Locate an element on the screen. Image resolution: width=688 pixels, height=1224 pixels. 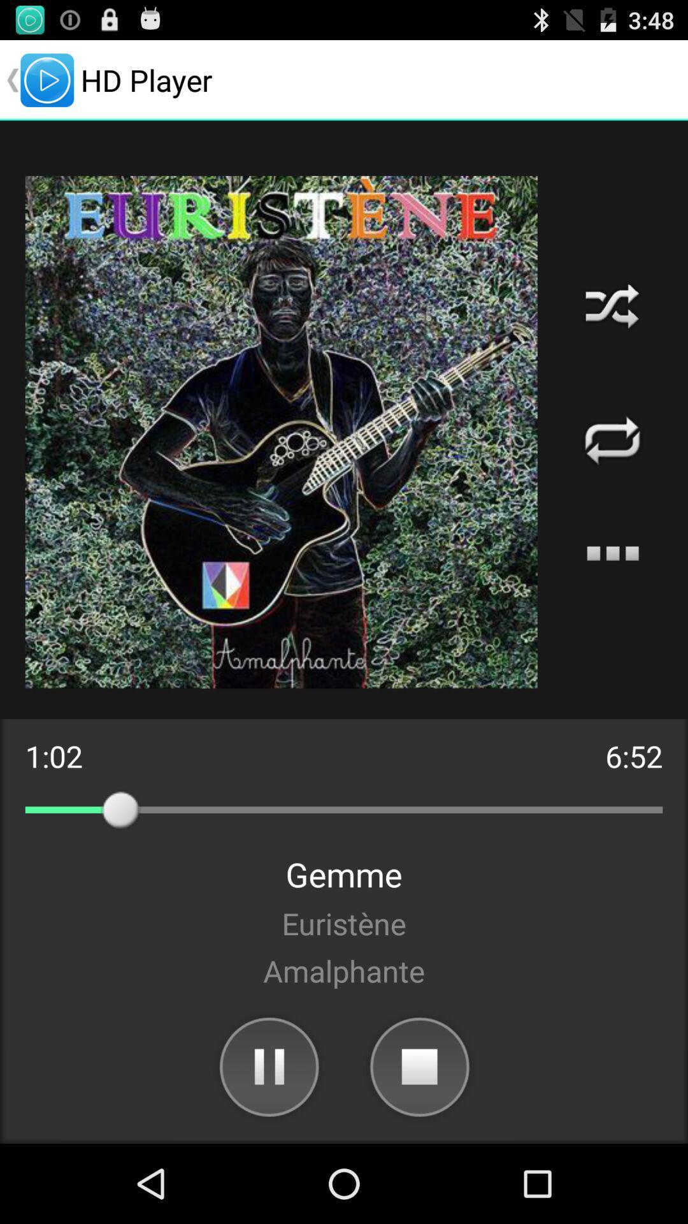
icon to the left of 6:52 icon is located at coordinates (53, 756).